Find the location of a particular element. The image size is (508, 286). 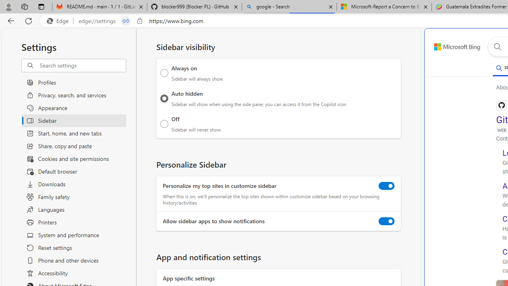

'Personalize my top sites in customize sidebar' is located at coordinates (387, 186).